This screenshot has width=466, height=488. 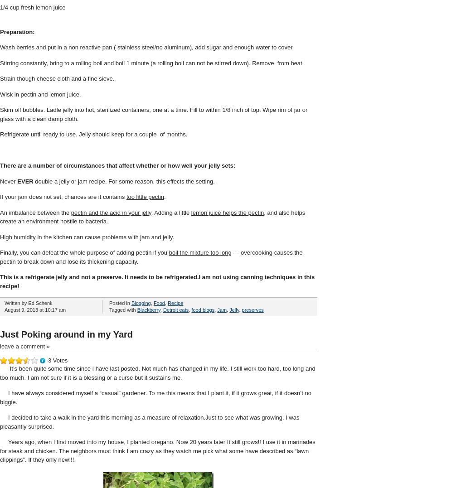 What do you see at coordinates (141, 303) in the screenshot?
I see `'Blogging'` at bounding box center [141, 303].